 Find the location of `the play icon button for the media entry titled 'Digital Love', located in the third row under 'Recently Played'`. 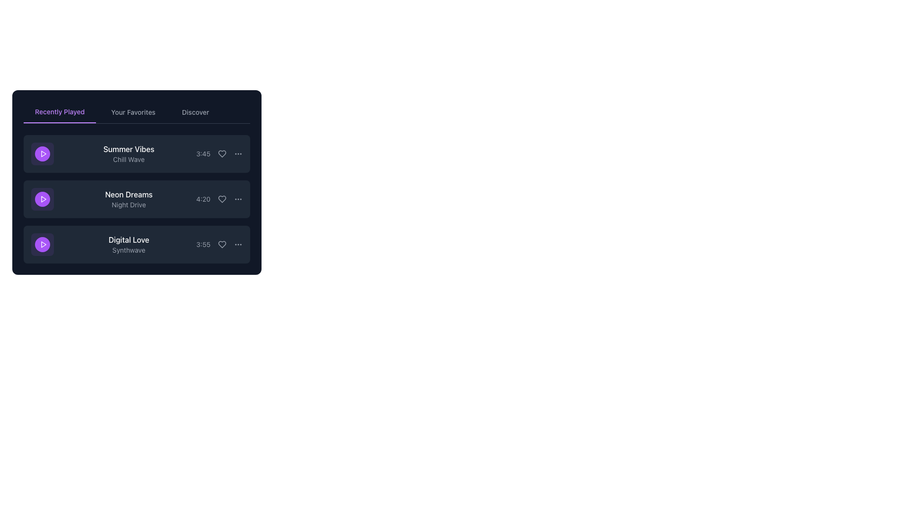

the play icon button for the media entry titled 'Digital Love', located in the third row under 'Recently Played' is located at coordinates (43, 244).